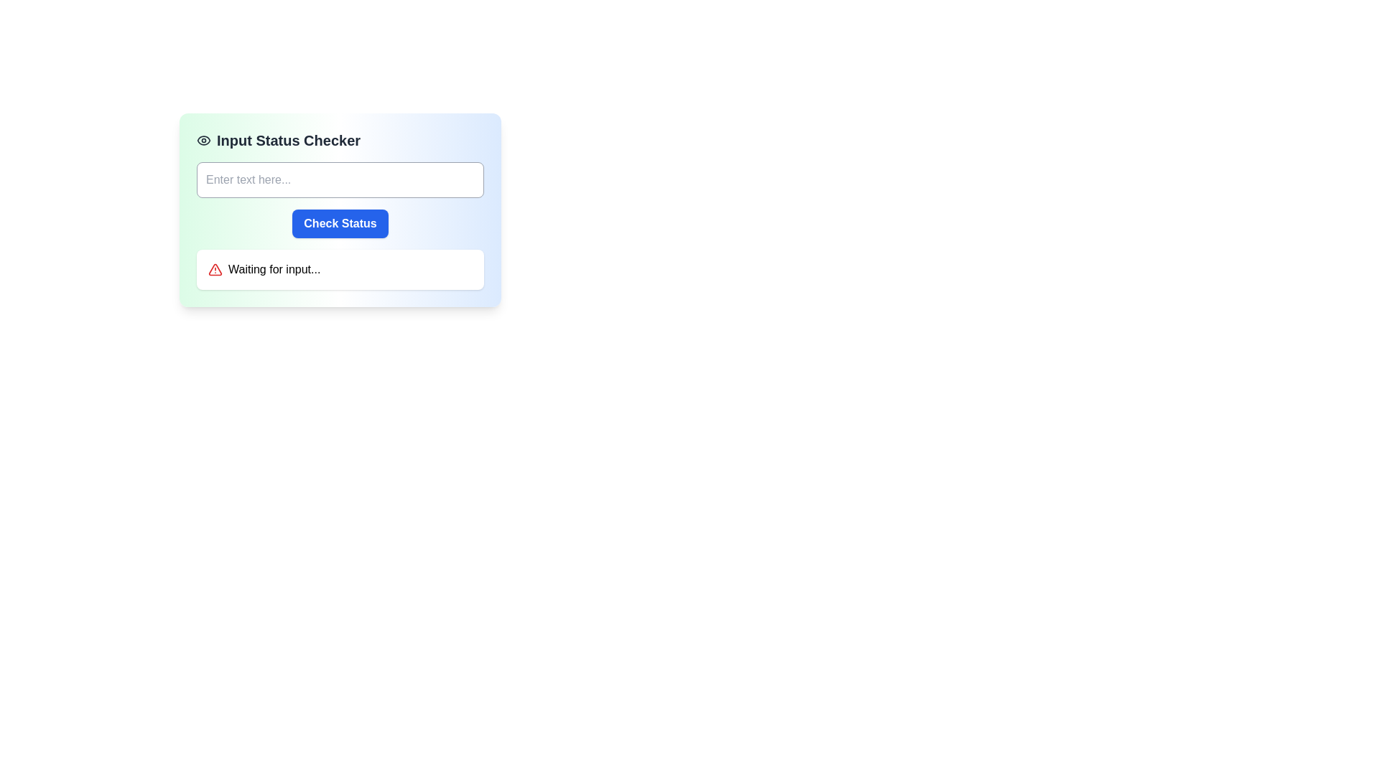  Describe the element at coordinates (340, 210) in the screenshot. I see `the button on the Panel with interactive and informational components` at that location.